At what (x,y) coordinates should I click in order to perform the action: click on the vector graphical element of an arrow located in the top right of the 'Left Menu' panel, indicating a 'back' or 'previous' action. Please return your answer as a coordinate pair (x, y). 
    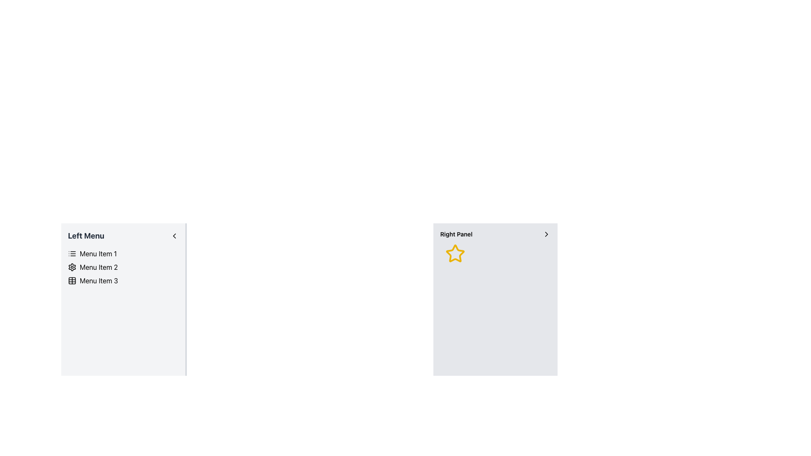
    Looking at the image, I should click on (174, 236).